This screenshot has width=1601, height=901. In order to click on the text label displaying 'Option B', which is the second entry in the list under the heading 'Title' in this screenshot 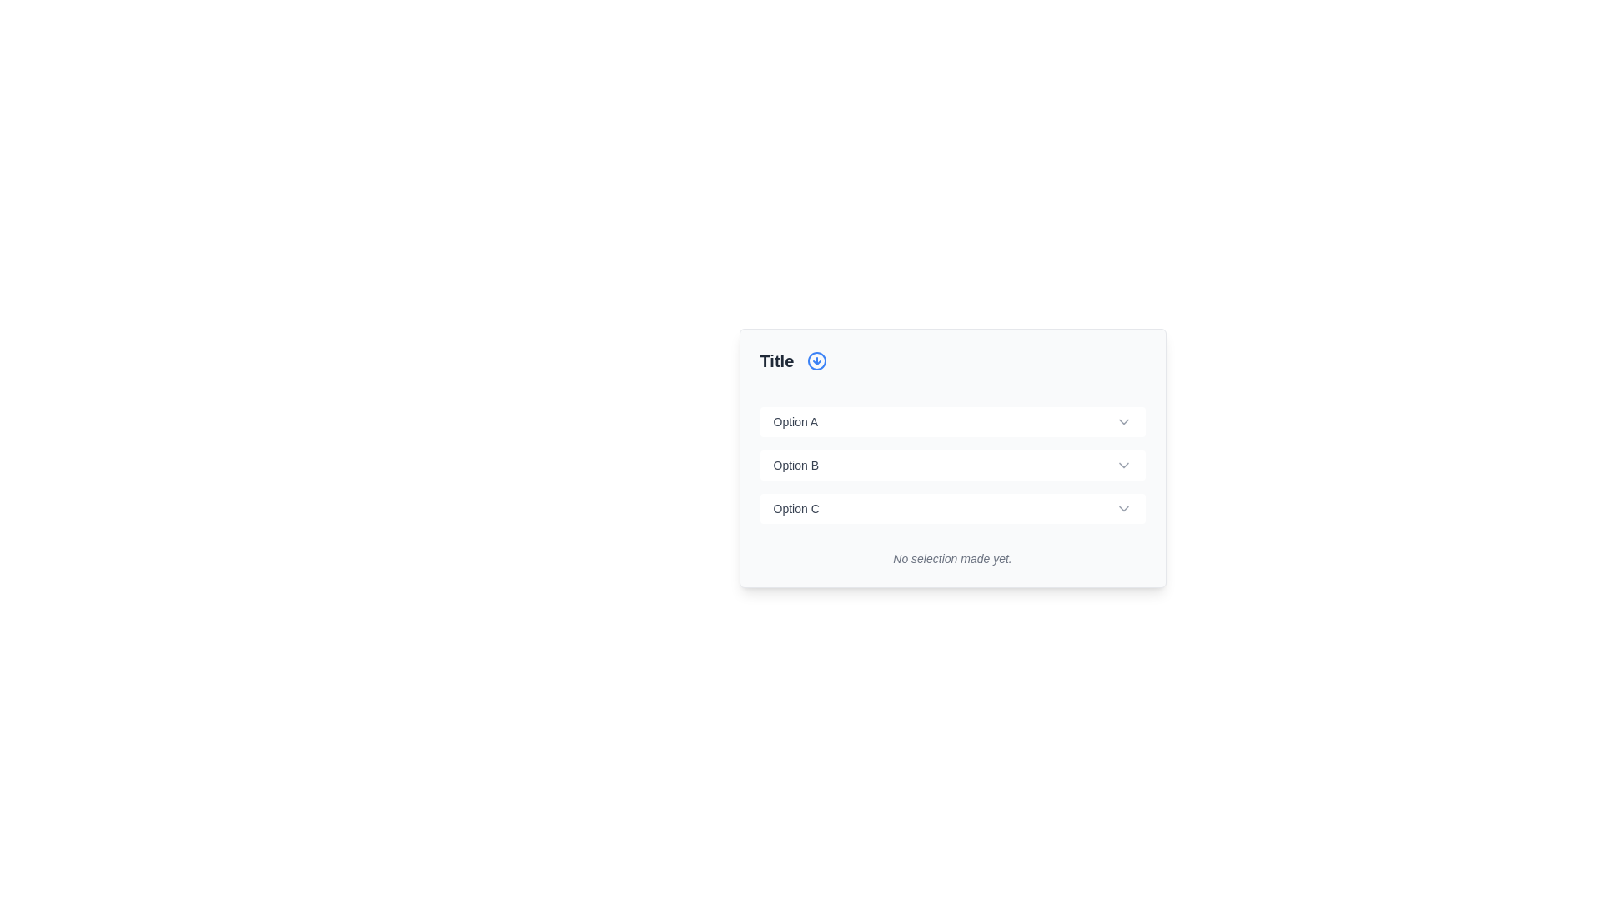, I will do `click(795, 466)`.